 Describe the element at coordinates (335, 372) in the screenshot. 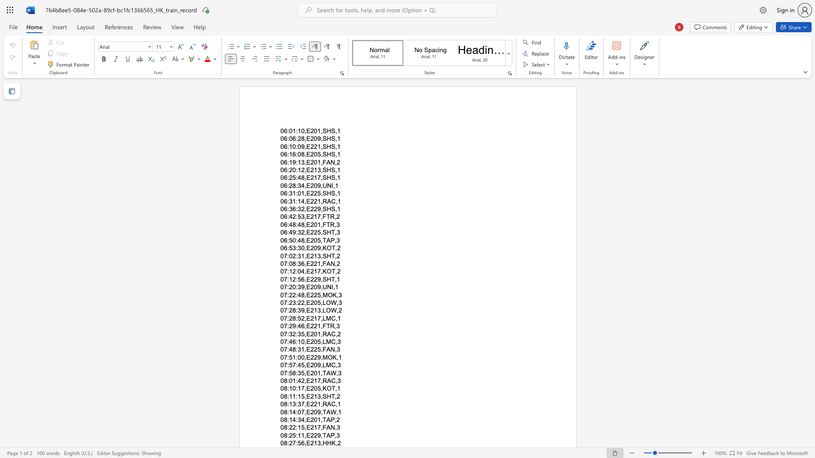

I see `the space between the continuous character "W" and "," in the text` at that location.